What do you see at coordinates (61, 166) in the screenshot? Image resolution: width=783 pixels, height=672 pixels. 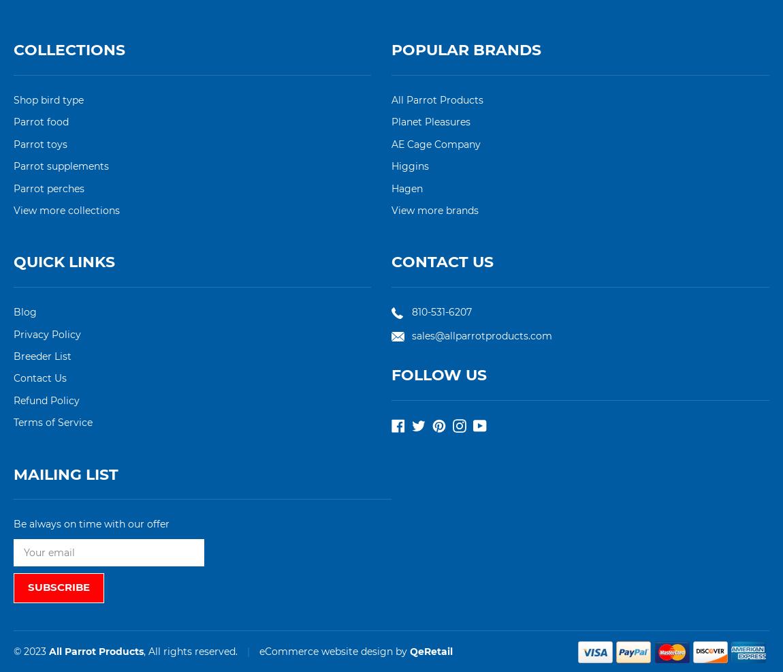 I see `'Parrot supplements'` at bounding box center [61, 166].